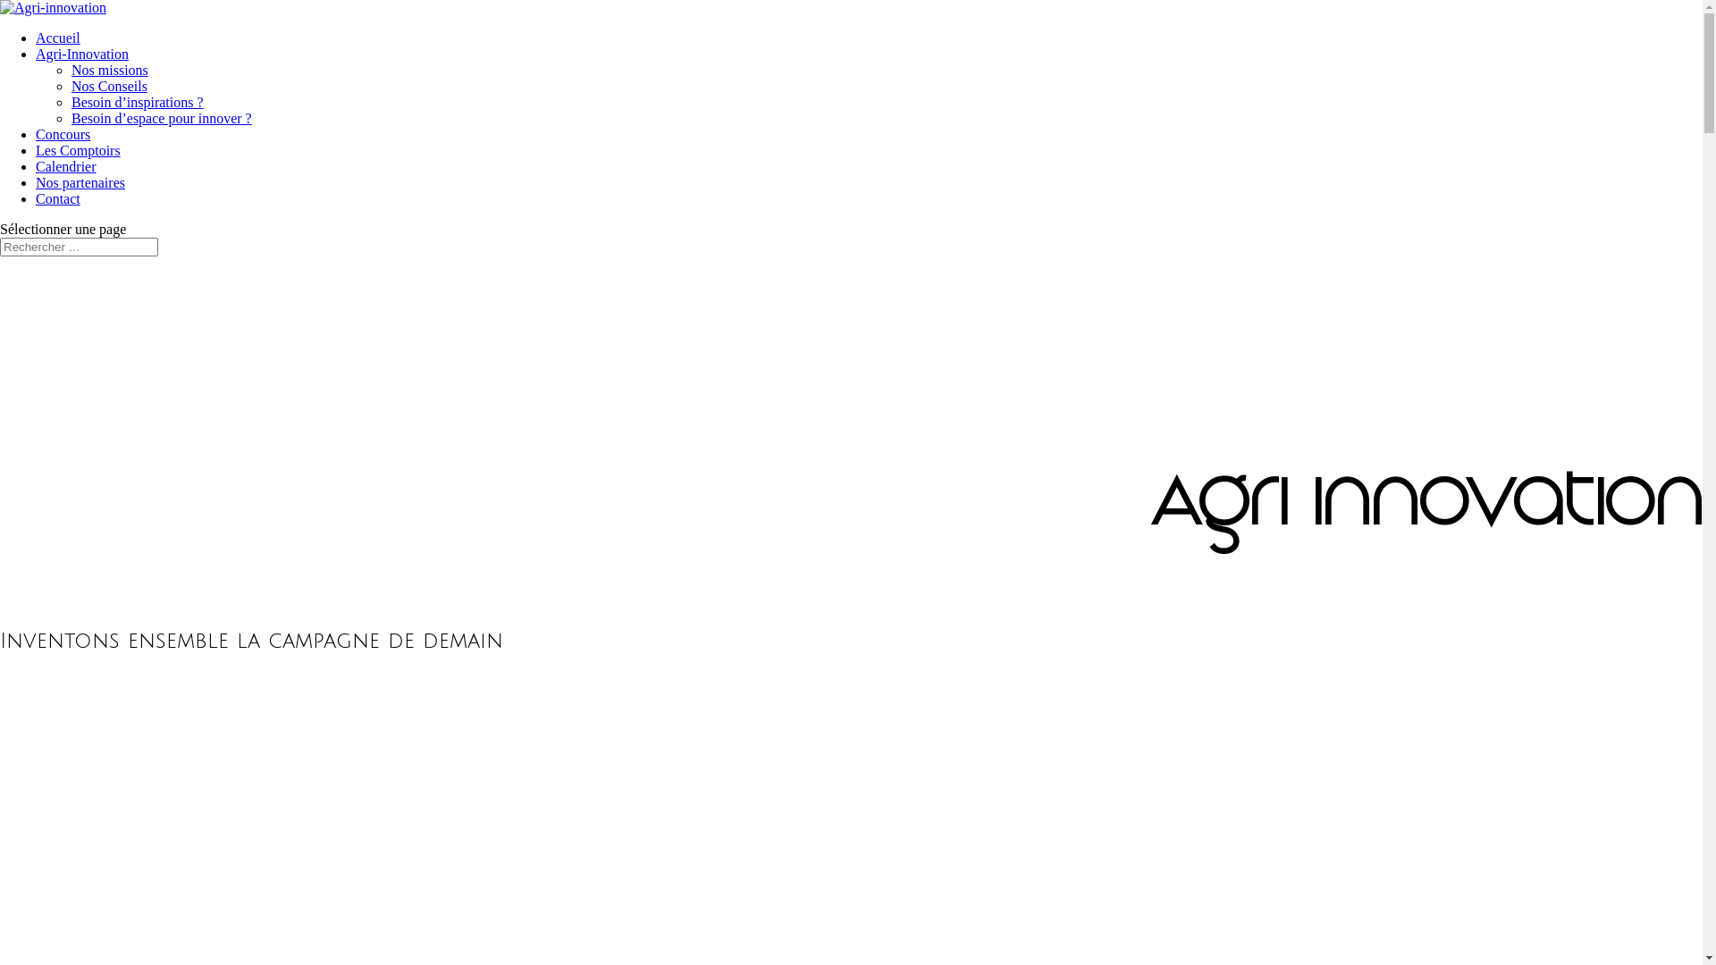  What do you see at coordinates (77, 149) in the screenshot?
I see `'Les Comptoirs'` at bounding box center [77, 149].